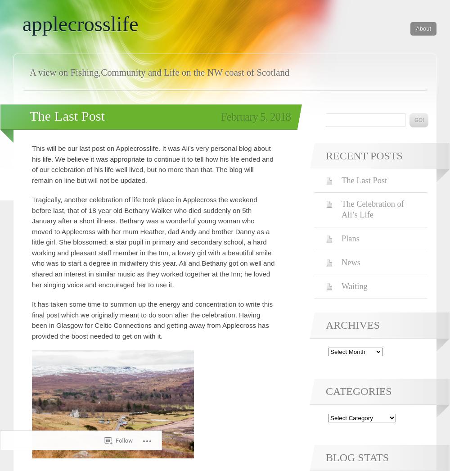  I want to click on 'Blog Stats', so click(357, 457).